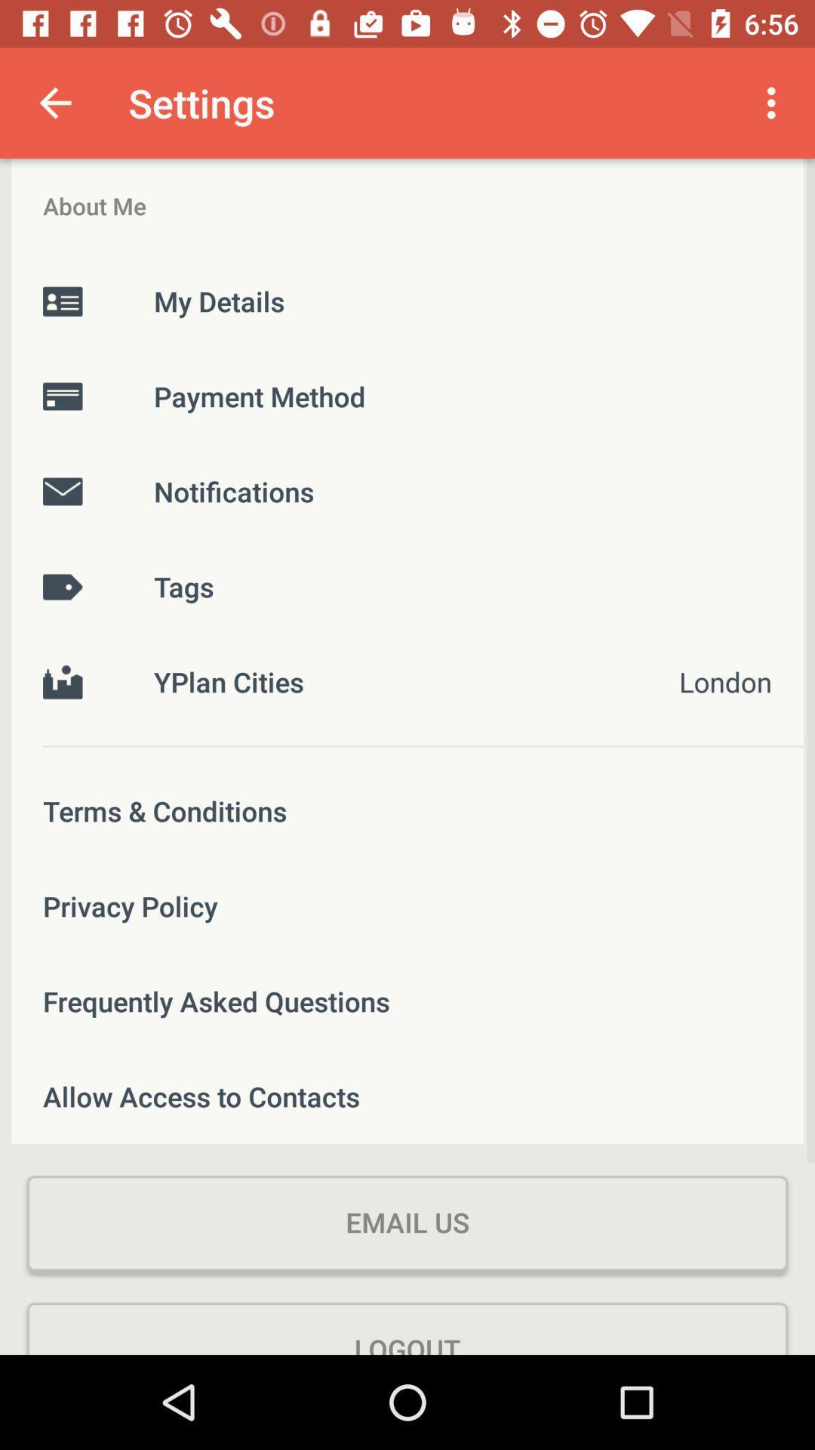 This screenshot has height=1450, width=815. Describe the element at coordinates (407, 586) in the screenshot. I see `the tags icon` at that location.